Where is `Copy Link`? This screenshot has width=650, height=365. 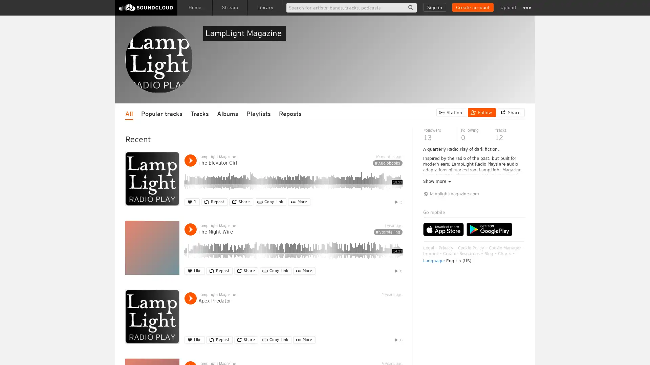 Copy Link is located at coordinates (276, 270).